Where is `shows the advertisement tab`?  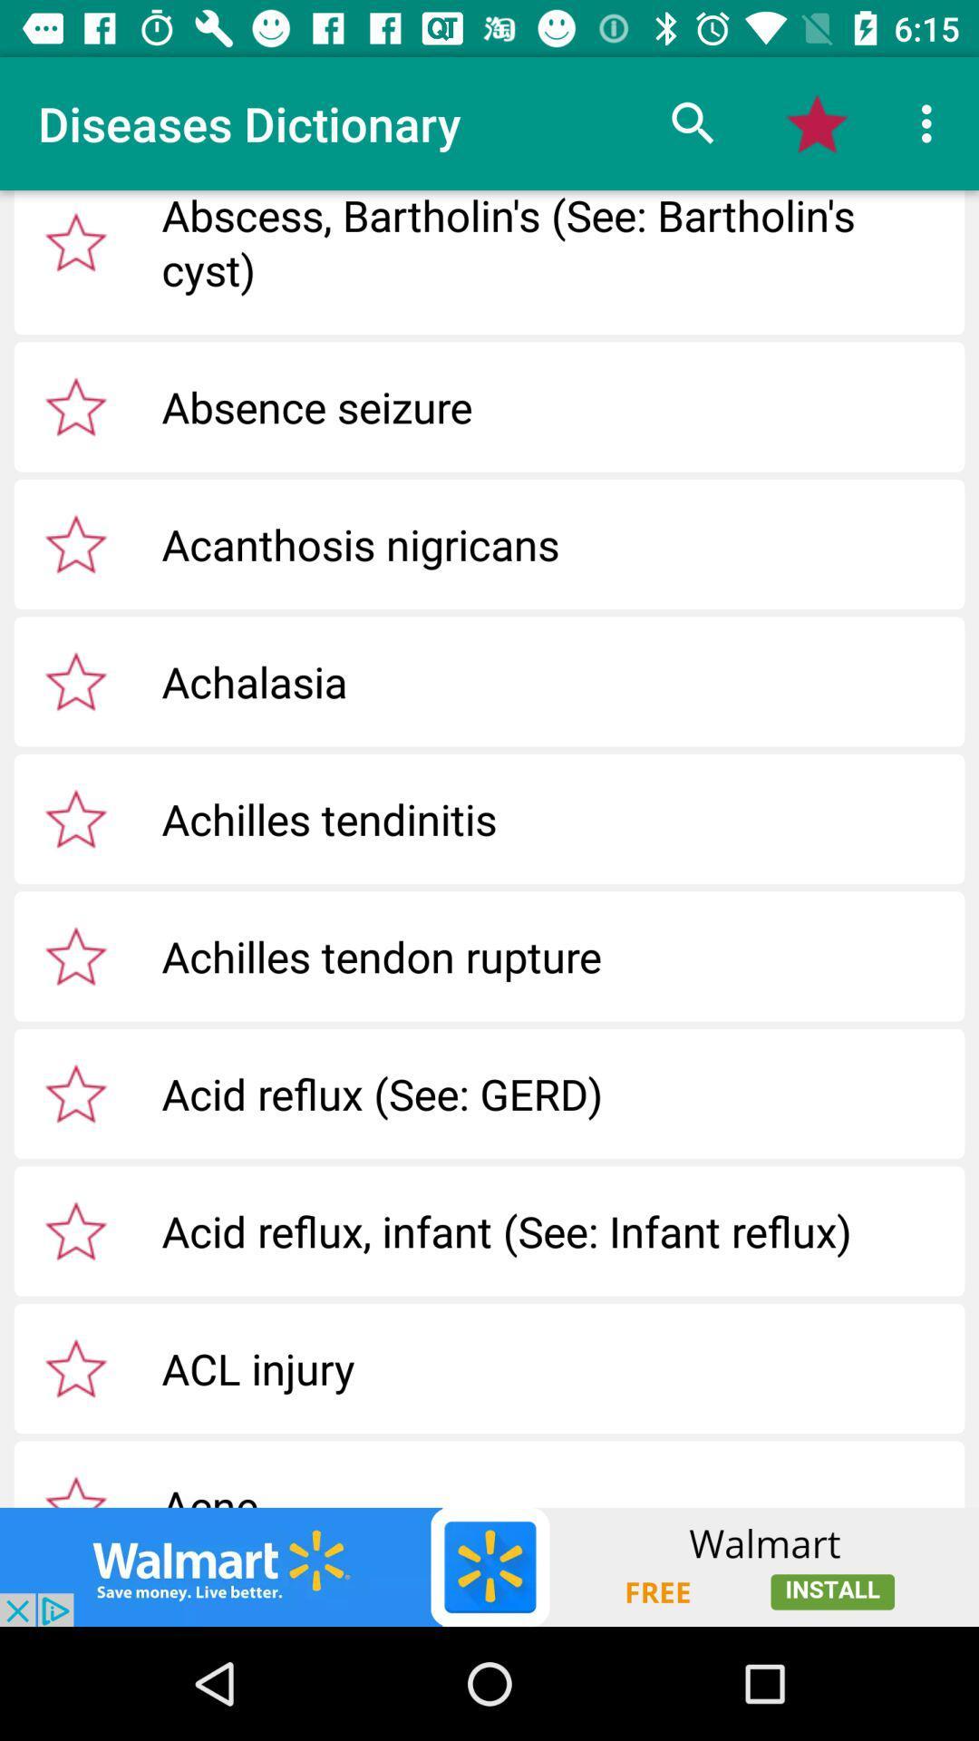
shows the advertisement tab is located at coordinates (489, 1566).